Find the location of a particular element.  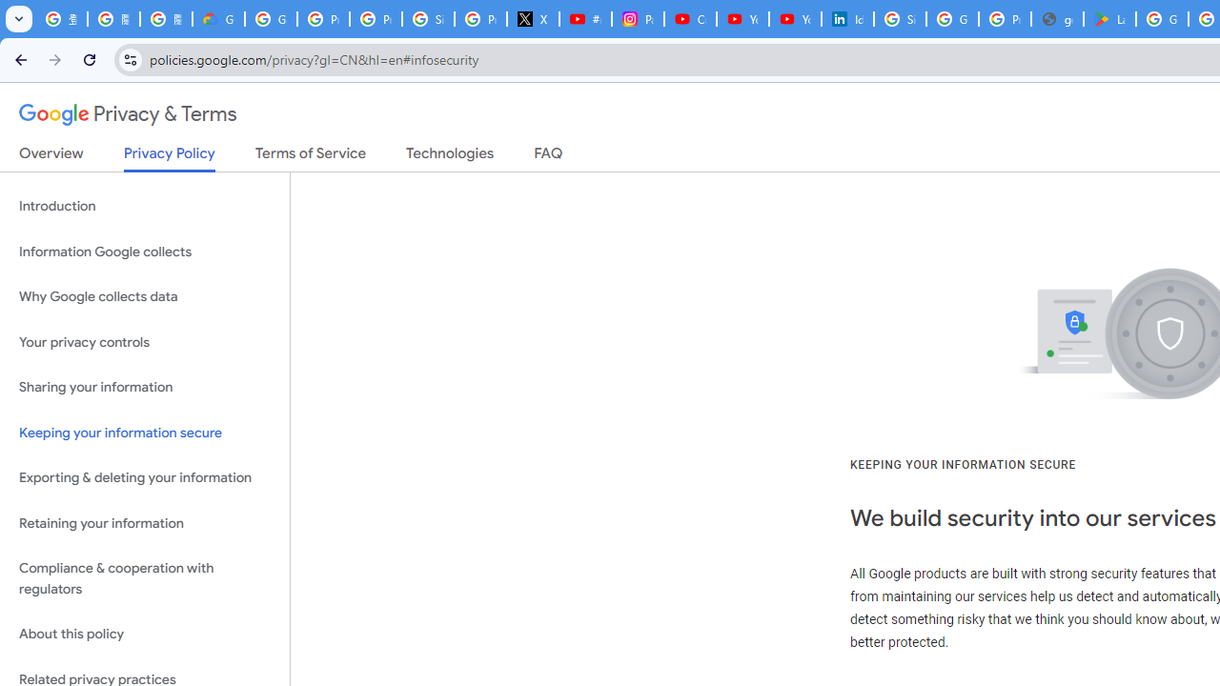

'Google Cloud Privacy Notice' is located at coordinates (218, 19).